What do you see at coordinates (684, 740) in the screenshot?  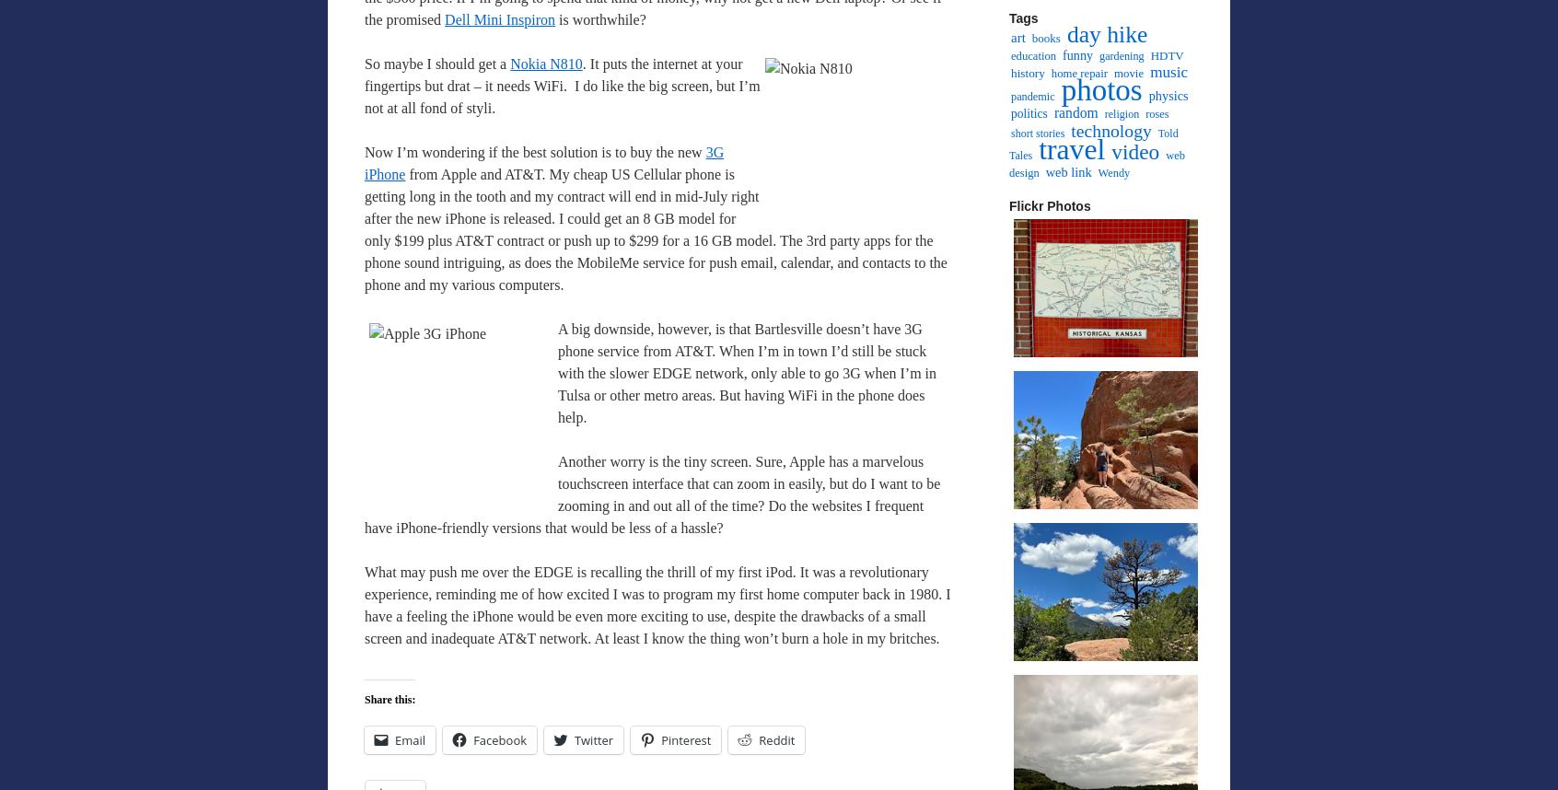 I see `'Pinterest'` at bounding box center [684, 740].